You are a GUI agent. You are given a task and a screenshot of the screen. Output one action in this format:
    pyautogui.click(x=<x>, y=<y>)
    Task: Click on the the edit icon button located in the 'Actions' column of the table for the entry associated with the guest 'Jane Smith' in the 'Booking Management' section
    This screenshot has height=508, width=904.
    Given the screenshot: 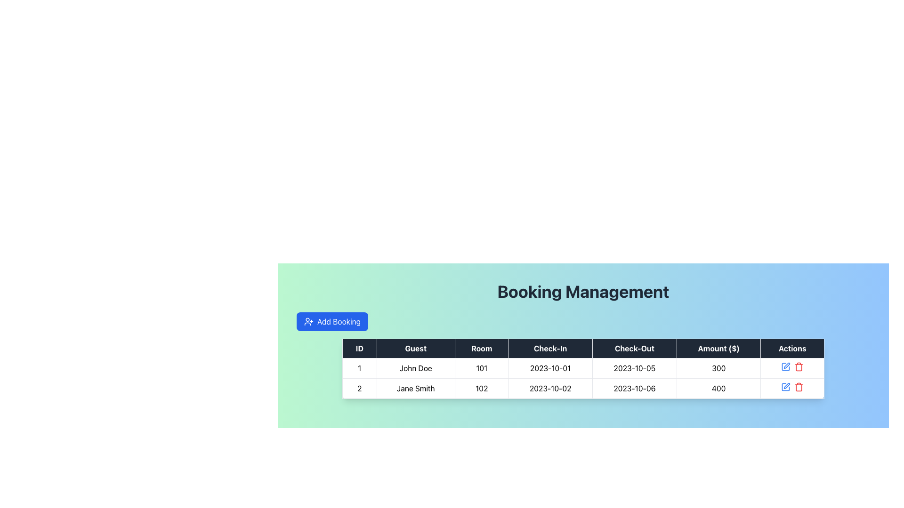 What is the action you would take?
    pyautogui.click(x=786, y=387)
    